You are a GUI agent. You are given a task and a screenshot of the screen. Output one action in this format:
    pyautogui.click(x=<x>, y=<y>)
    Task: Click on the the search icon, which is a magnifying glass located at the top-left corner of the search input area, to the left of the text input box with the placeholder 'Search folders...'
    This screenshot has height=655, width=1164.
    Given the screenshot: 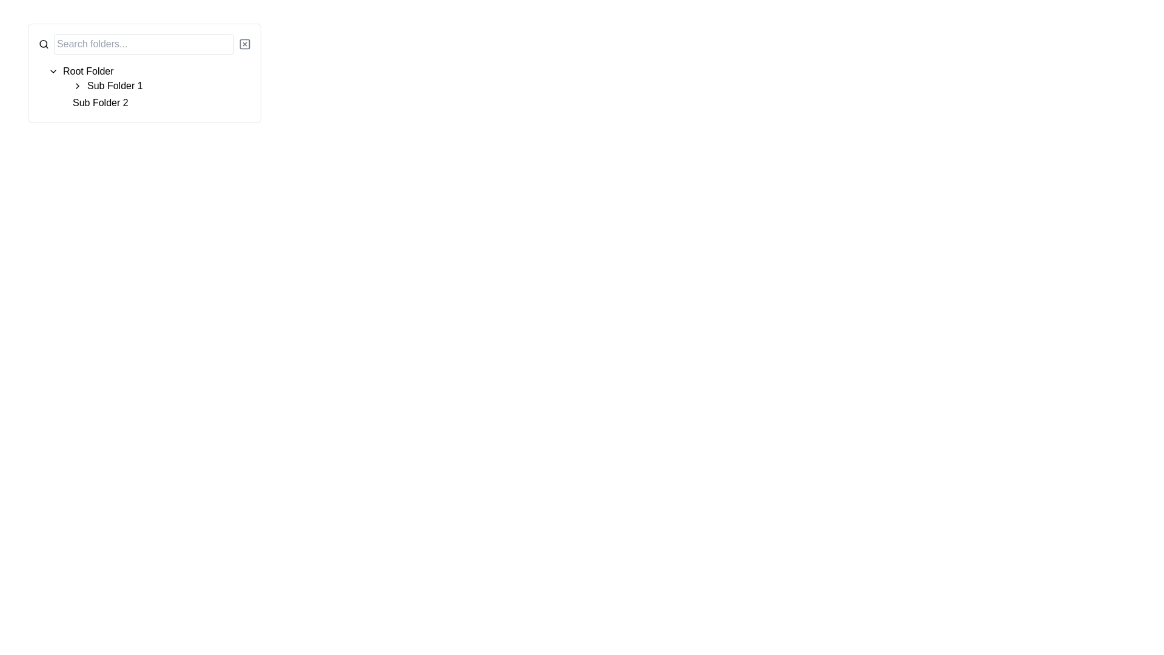 What is the action you would take?
    pyautogui.click(x=44, y=44)
    